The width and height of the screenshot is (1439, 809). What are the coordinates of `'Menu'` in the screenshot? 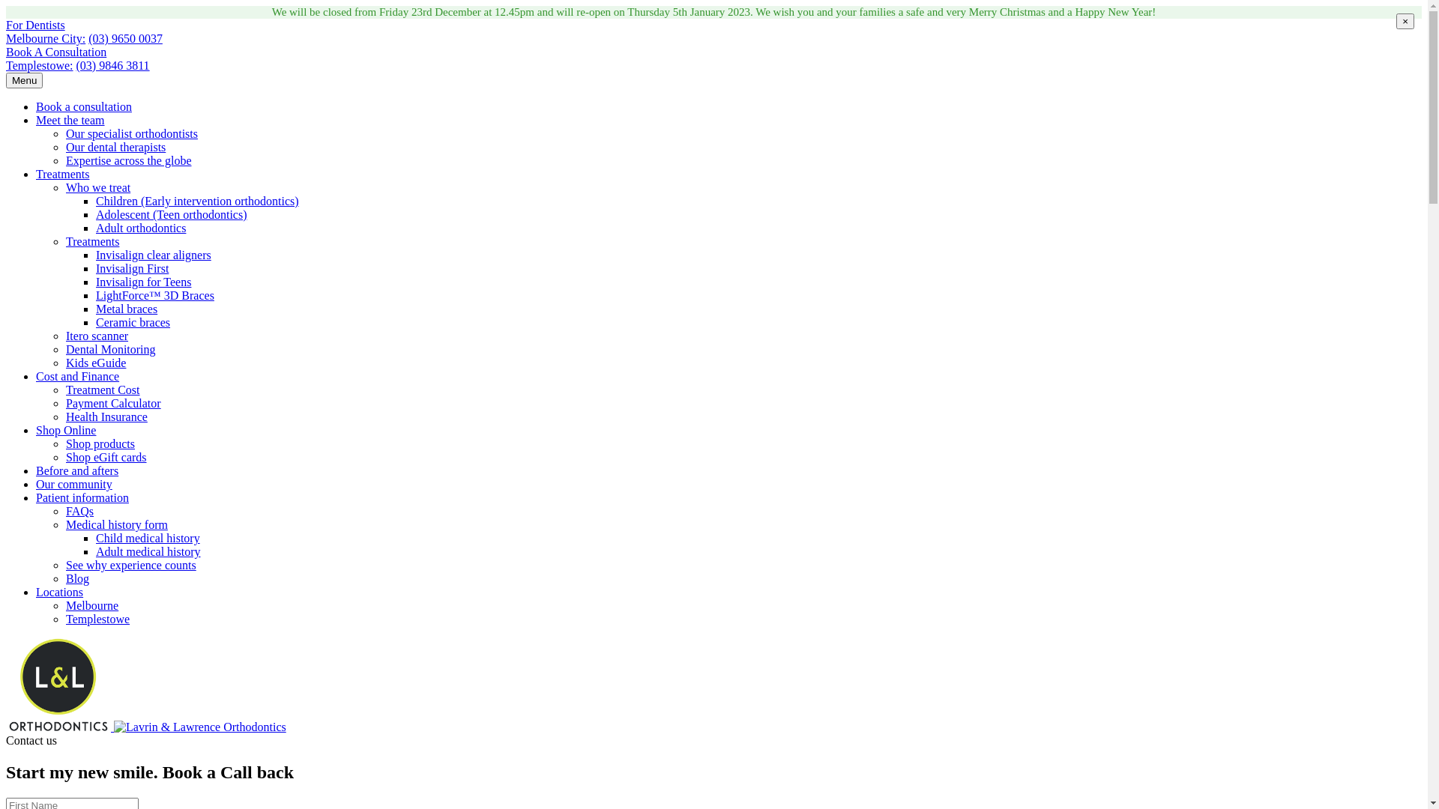 It's located at (24, 80).